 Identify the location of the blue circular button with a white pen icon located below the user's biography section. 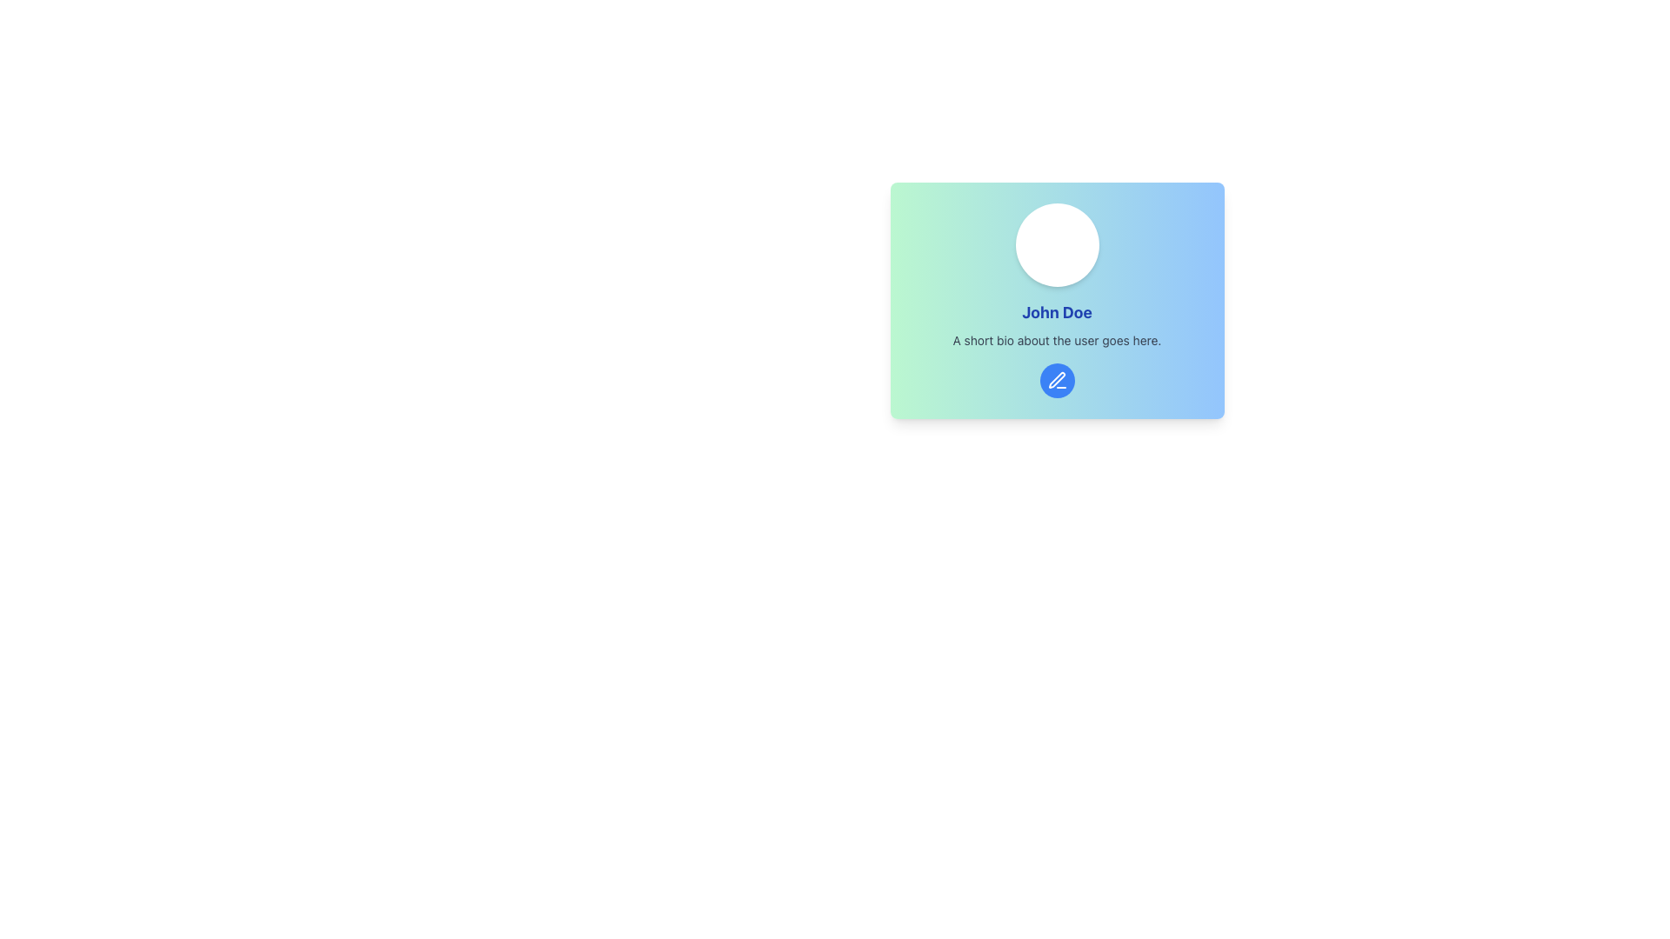
(1056, 380).